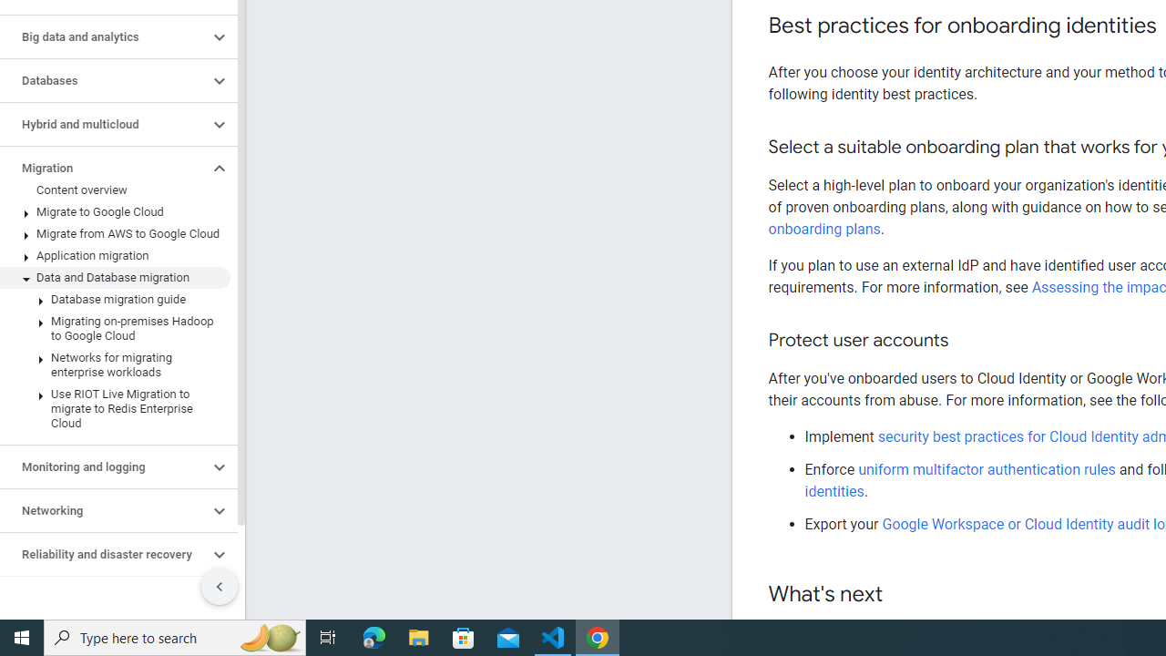 The image size is (1166, 656). What do you see at coordinates (966, 341) in the screenshot?
I see `'Copy link to this section: Protect user accounts'` at bounding box center [966, 341].